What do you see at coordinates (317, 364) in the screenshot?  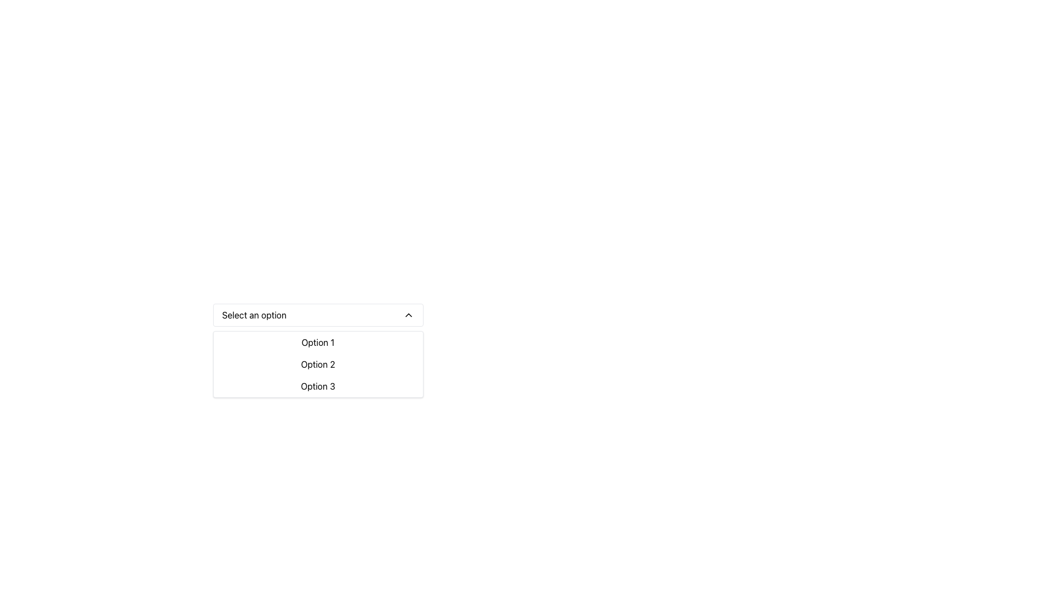 I see `the selectable option for 'Option 2' within the dropdown menu for keyboard navigation` at bounding box center [317, 364].